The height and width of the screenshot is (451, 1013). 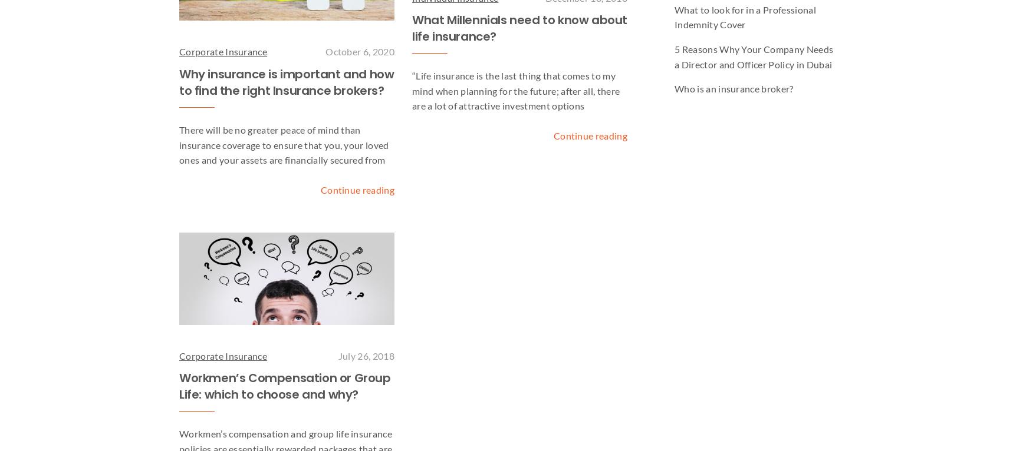 What do you see at coordinates (515, 90) in the screenshot?
I see `'“Life insurance is the last thing that comes to my mind when planning for the future; after all, there are a lot of attractive investment options'` at bounding box center [515, 90].